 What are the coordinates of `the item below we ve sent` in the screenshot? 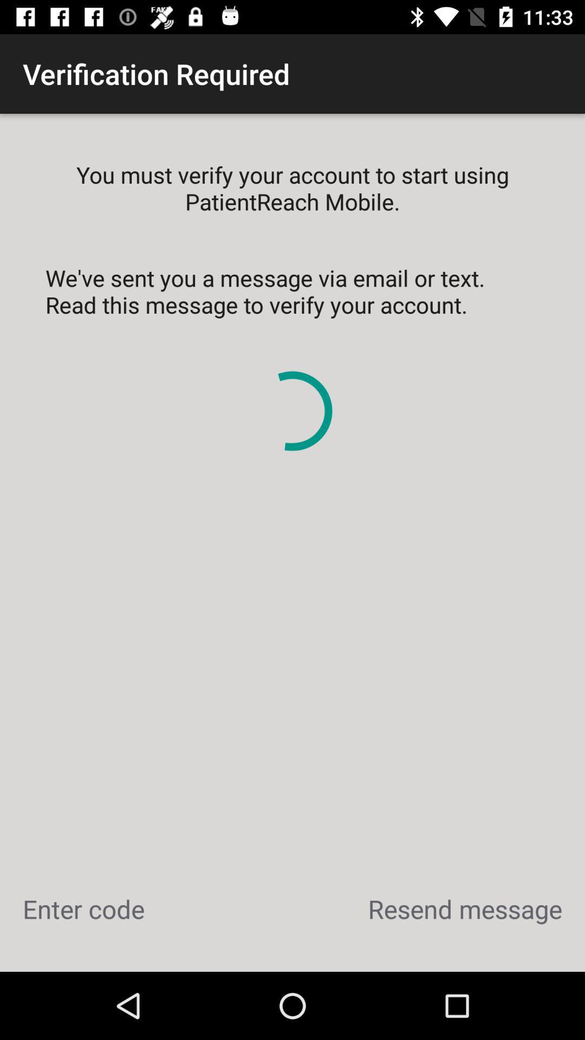 It's located at (464, 909).